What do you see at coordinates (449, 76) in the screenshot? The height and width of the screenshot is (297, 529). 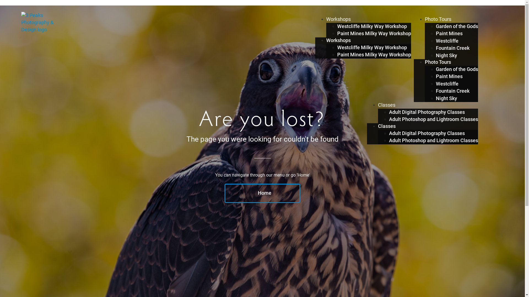 I see `'Paint Mines'` at bounding box center [449, 76].